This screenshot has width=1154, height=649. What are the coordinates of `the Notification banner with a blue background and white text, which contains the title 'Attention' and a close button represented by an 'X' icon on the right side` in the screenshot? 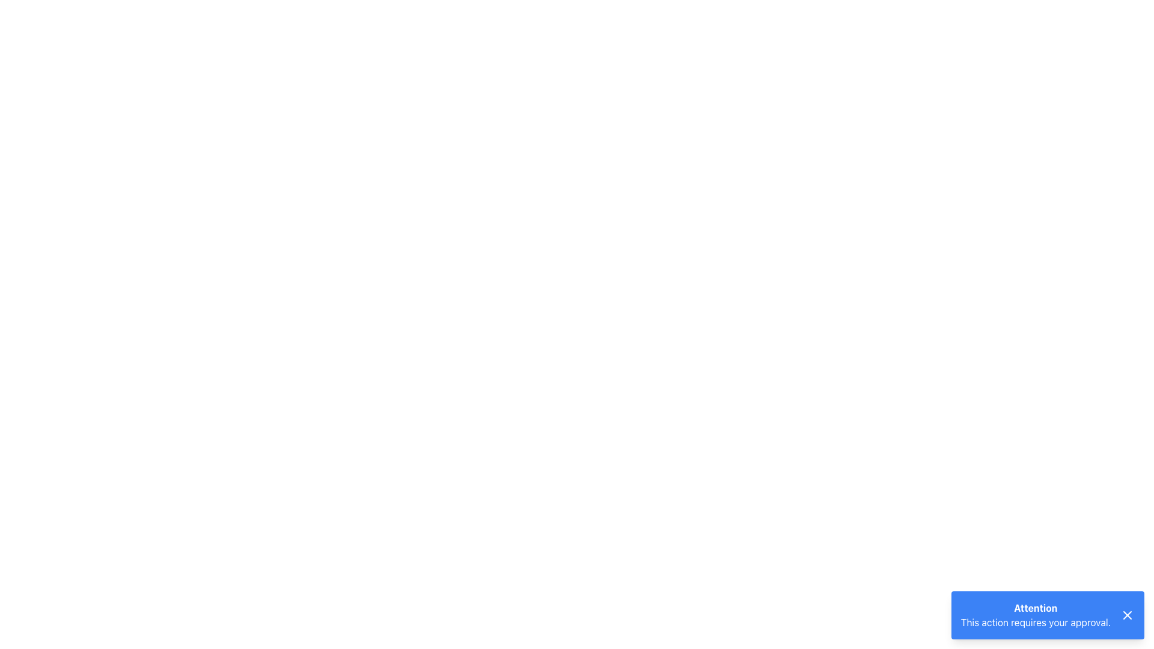 It's located at (1047, 615).